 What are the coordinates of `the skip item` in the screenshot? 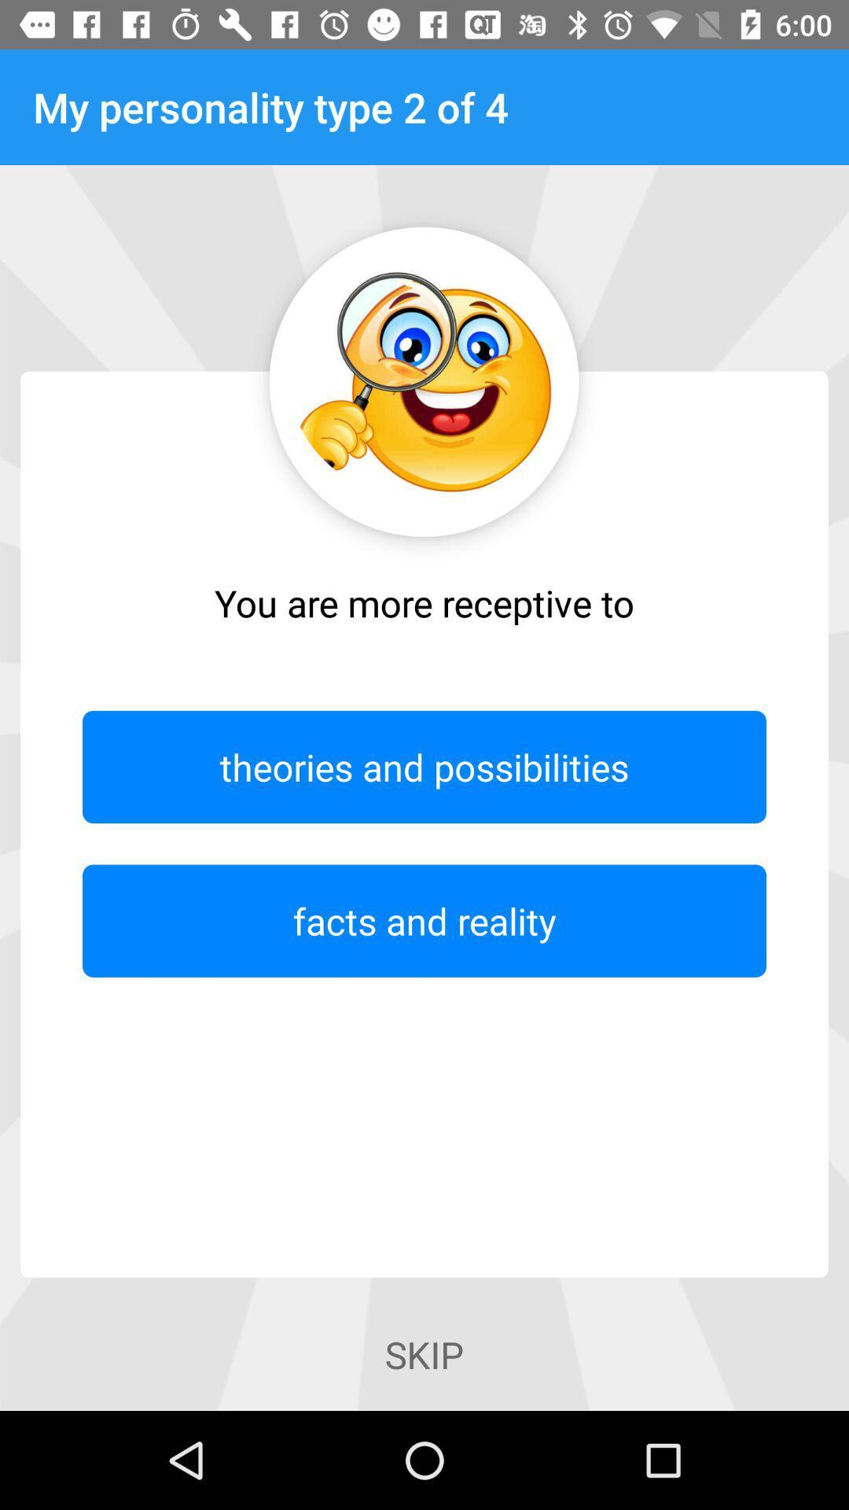 It's located at (424, 1353).